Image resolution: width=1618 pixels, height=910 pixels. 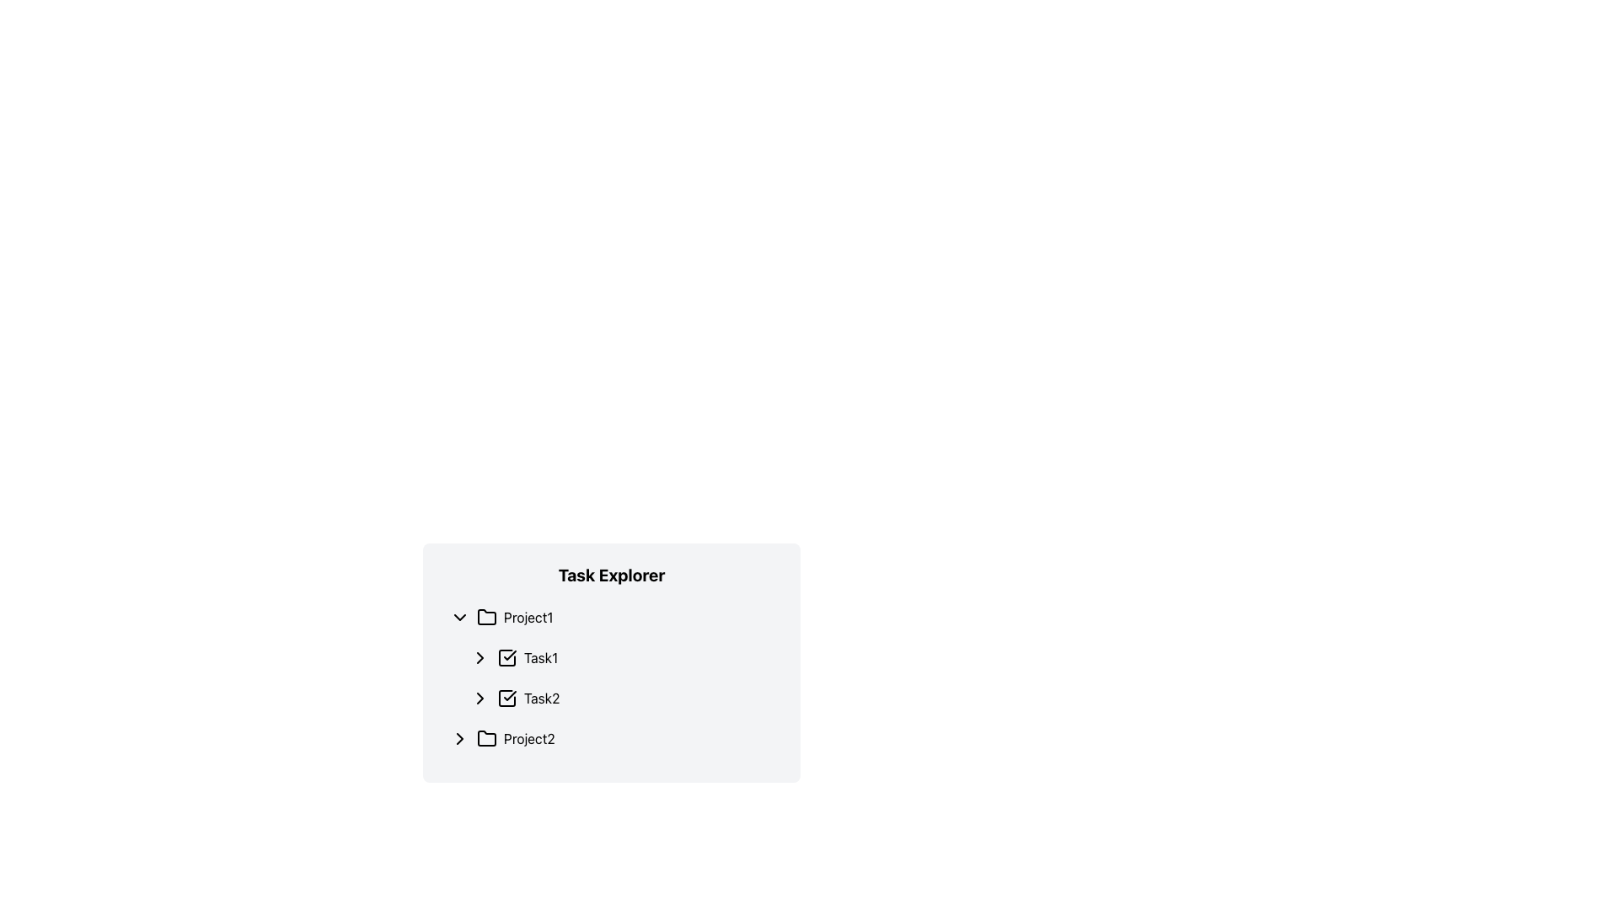 I want to click on the rightward-pointing Chevron expand/collapse icon, so click(x=460, y=737).